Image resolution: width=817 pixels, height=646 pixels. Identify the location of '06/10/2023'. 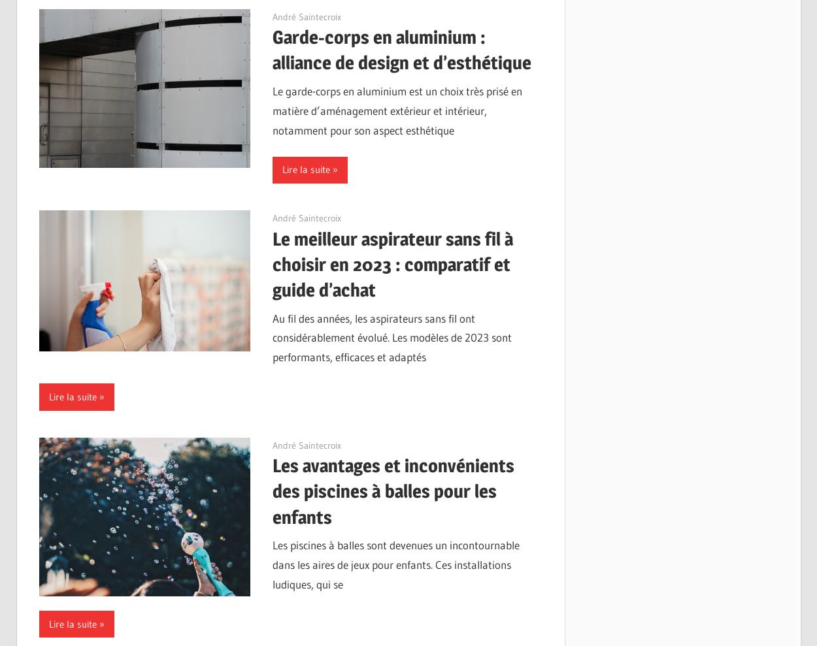
(273, 16).